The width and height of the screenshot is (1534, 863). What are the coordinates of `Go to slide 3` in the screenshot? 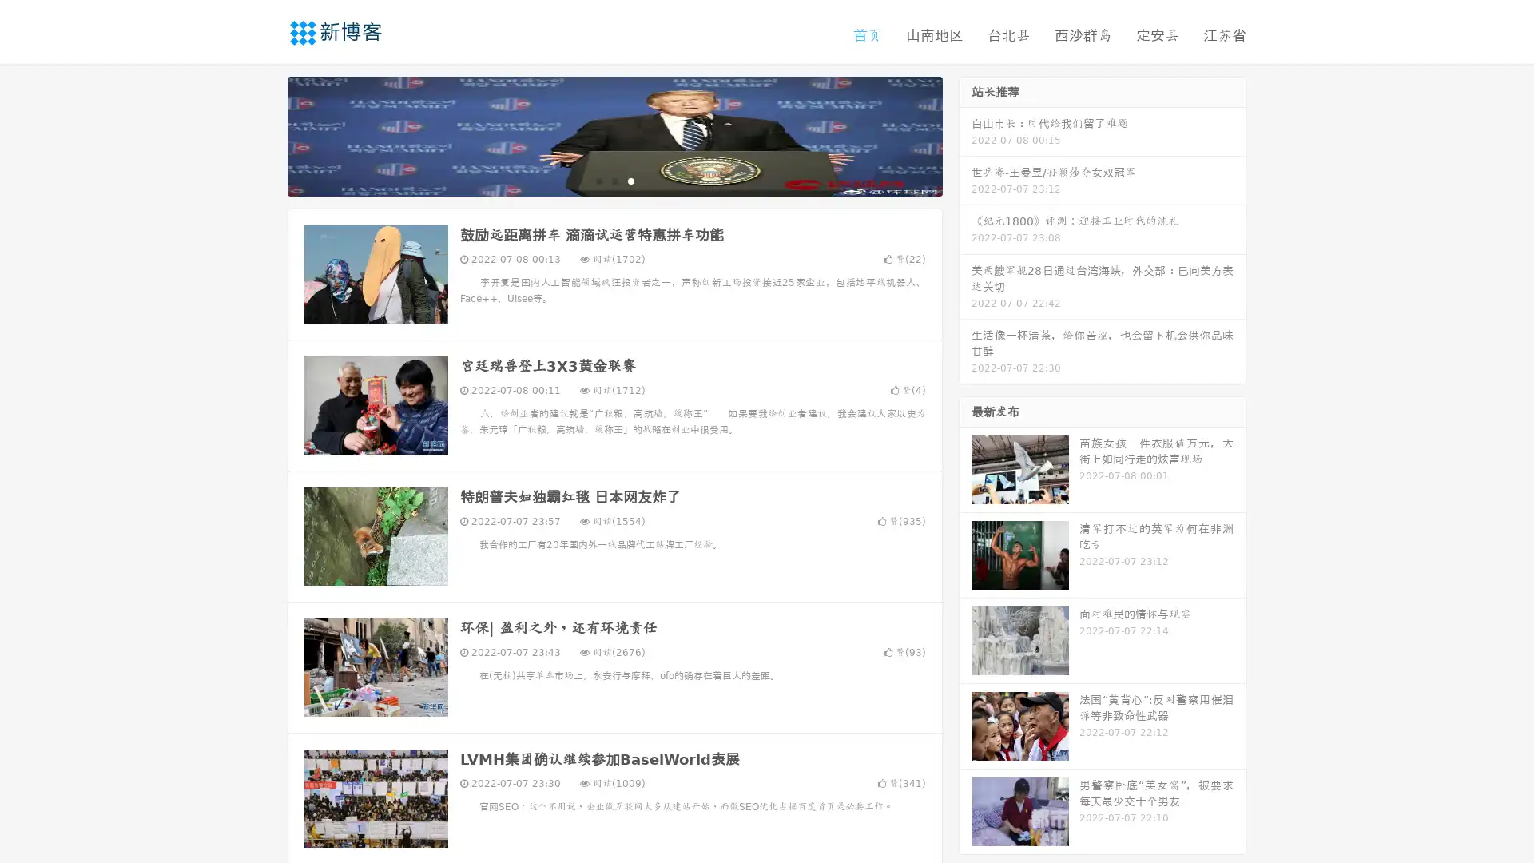 It's located at (630, 180).